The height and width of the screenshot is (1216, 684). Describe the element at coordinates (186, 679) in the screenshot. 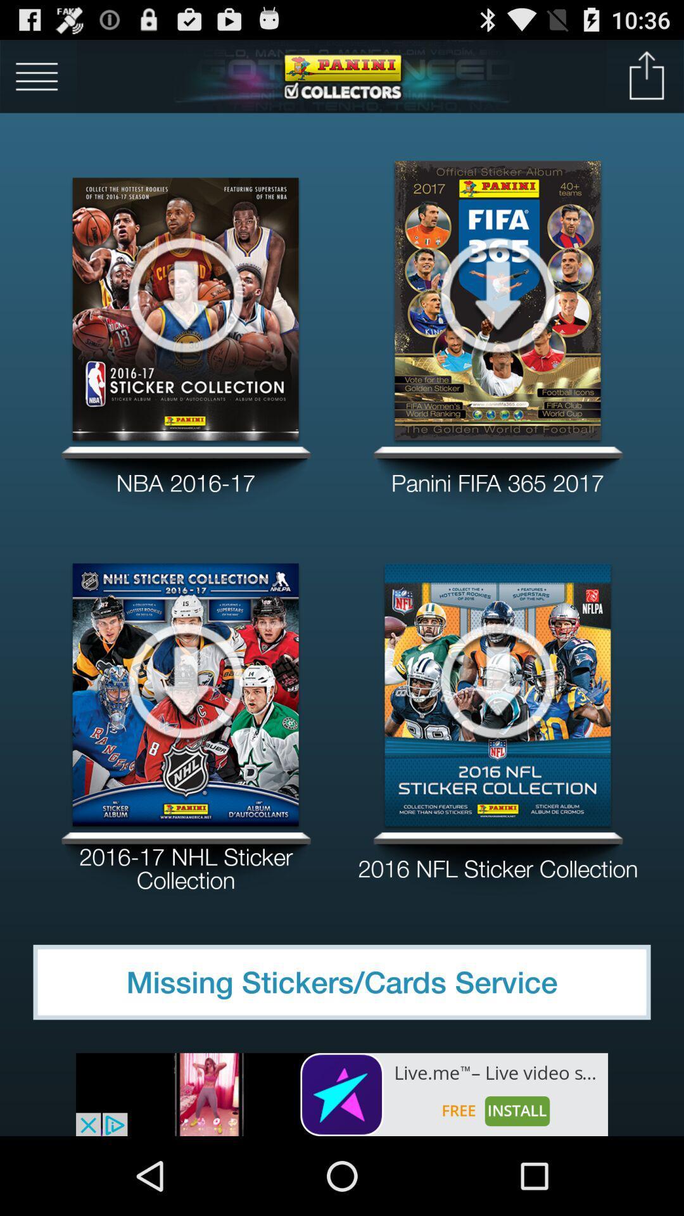

I see `the download option bottom left corner of page` at that location.